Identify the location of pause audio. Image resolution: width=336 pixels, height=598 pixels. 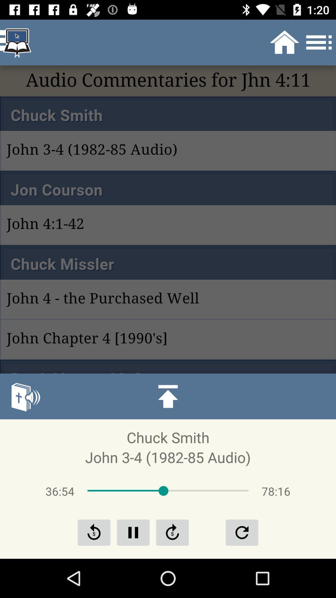
(133, 532).